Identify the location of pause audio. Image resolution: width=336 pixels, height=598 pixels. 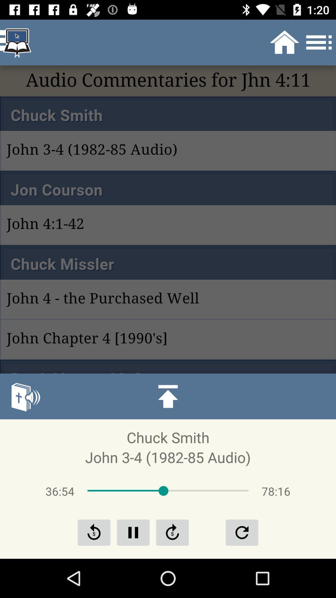
(133, 532).